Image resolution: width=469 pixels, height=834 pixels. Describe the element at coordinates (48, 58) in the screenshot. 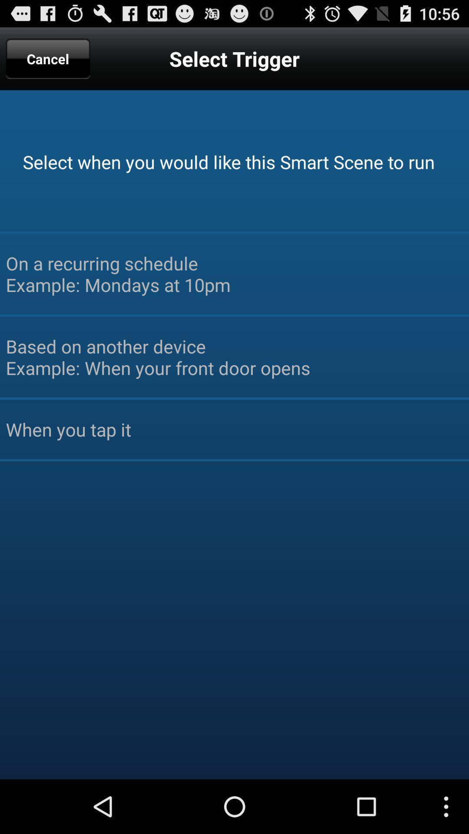

I see `the cancel` at that location.